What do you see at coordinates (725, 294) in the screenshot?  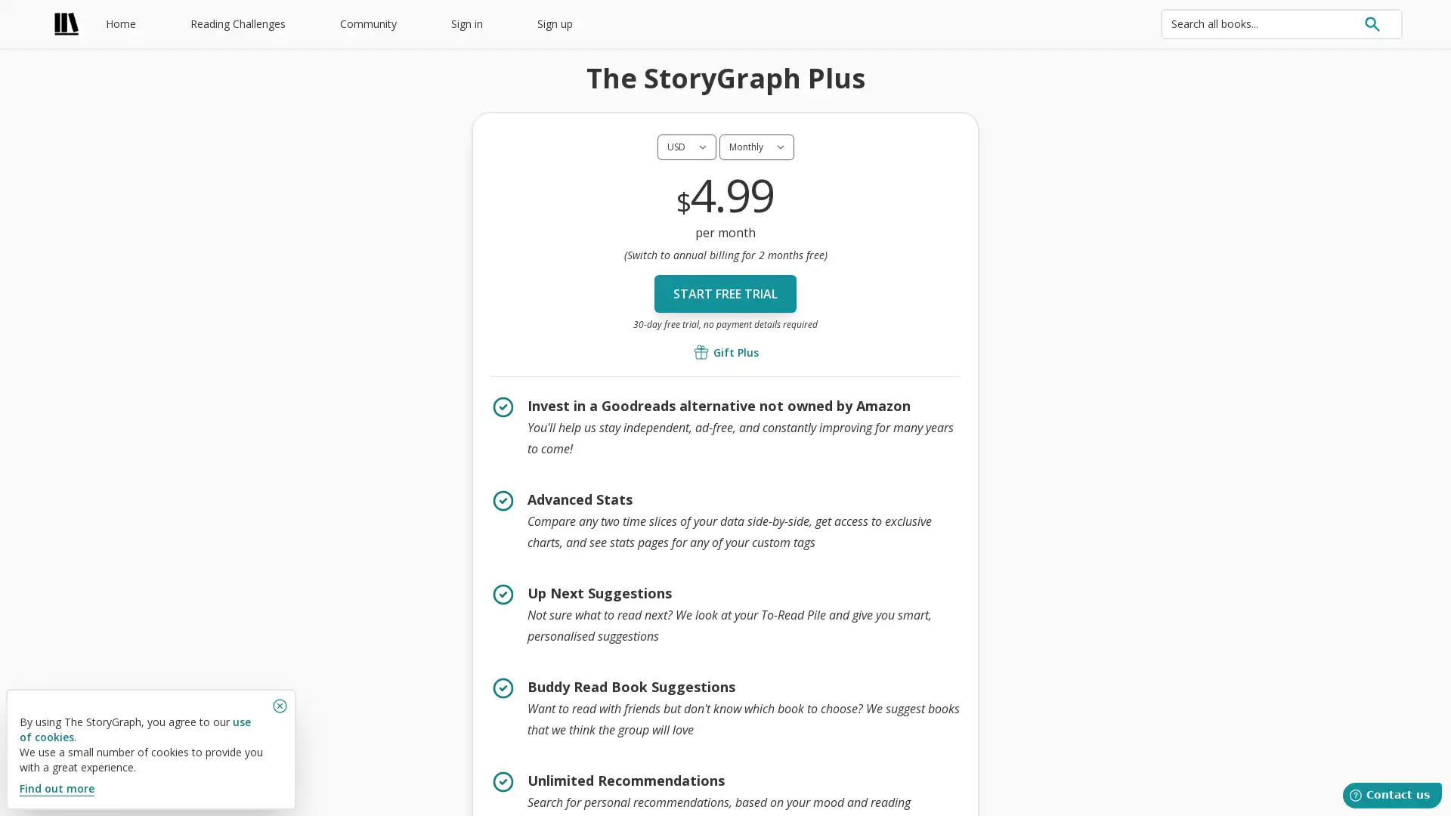 I see `Start free trial` at bounding box center [725, 294].